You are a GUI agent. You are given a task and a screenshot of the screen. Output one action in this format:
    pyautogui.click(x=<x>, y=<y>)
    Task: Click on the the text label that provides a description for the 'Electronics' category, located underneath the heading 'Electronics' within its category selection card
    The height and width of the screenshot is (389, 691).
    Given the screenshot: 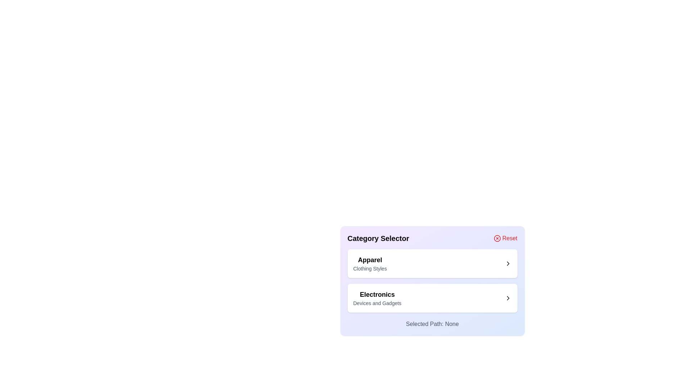 What is the action you would take?
    pyautogui.click(x=377, y=303)
    